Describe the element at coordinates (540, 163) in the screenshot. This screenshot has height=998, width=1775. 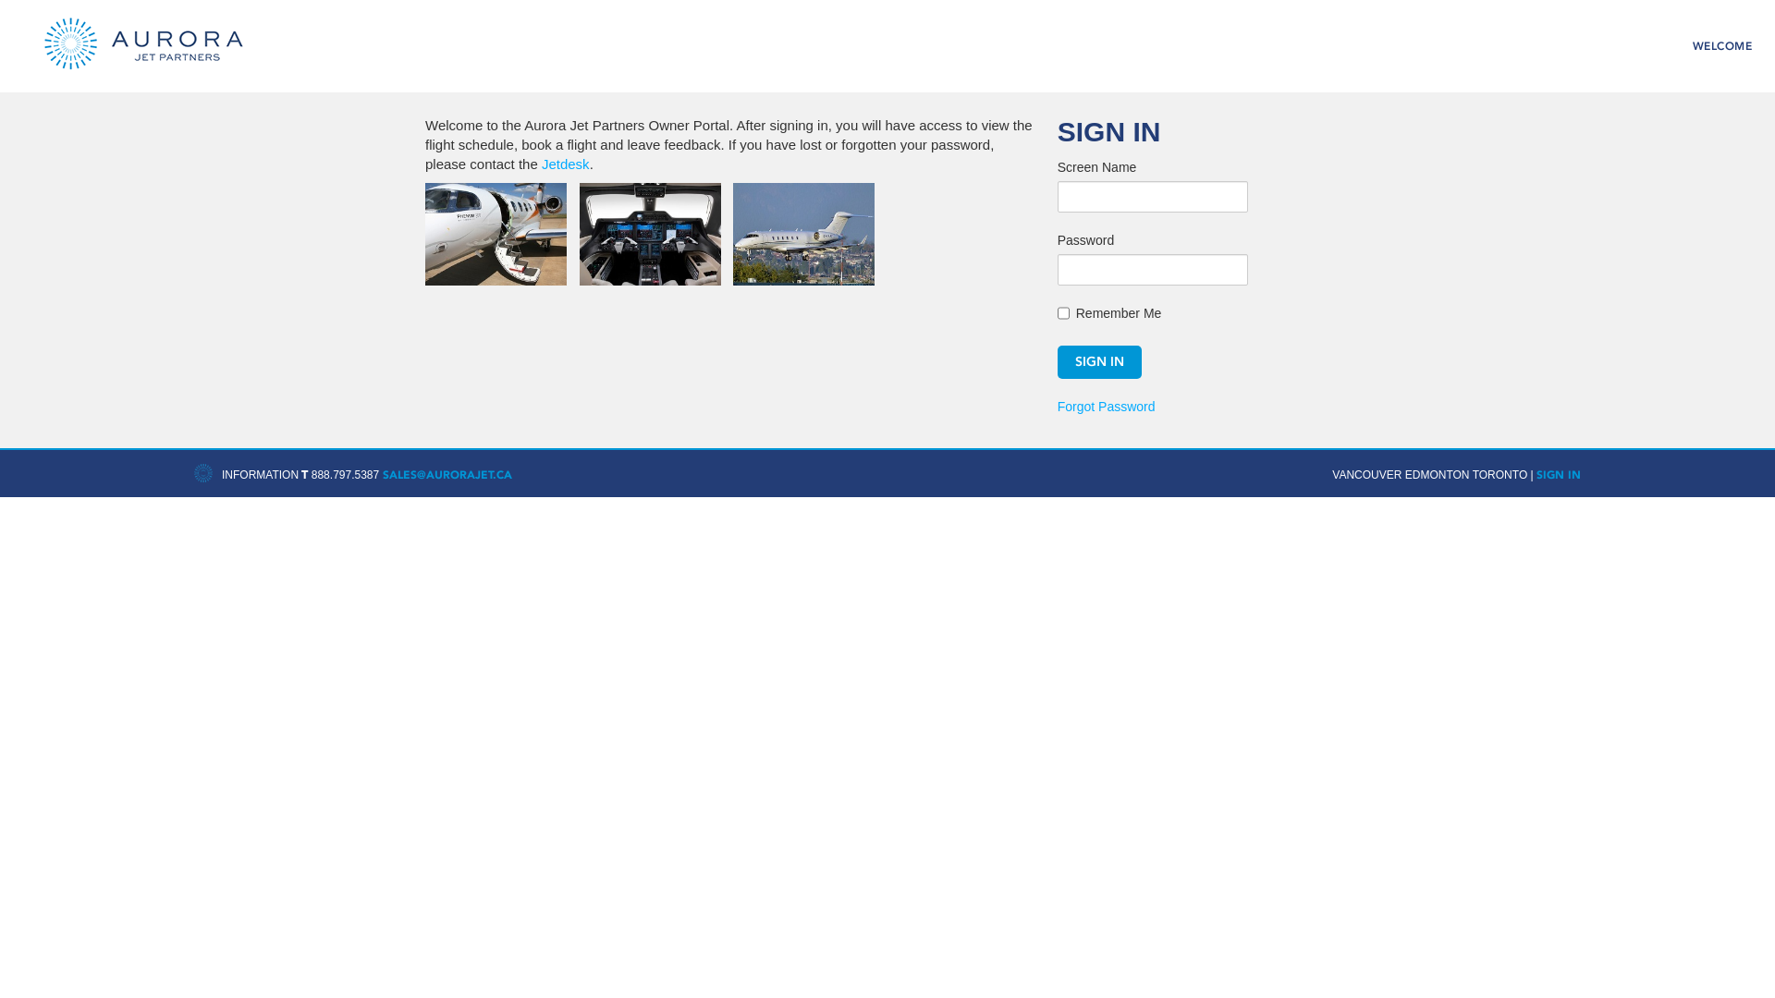
I see `'Jetdesk'` at that location.